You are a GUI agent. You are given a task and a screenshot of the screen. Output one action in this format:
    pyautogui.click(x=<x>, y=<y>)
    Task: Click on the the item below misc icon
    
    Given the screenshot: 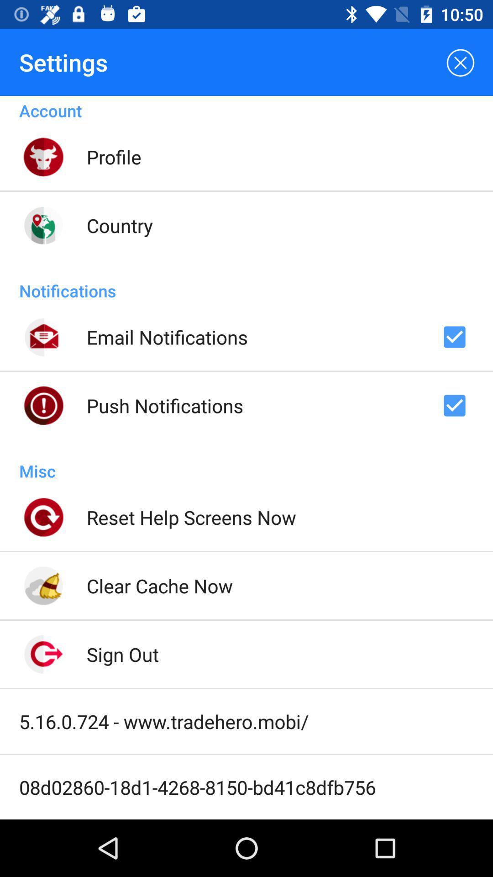 What is the action you would take?
    pyautogui.click(x=191, y=517)
    